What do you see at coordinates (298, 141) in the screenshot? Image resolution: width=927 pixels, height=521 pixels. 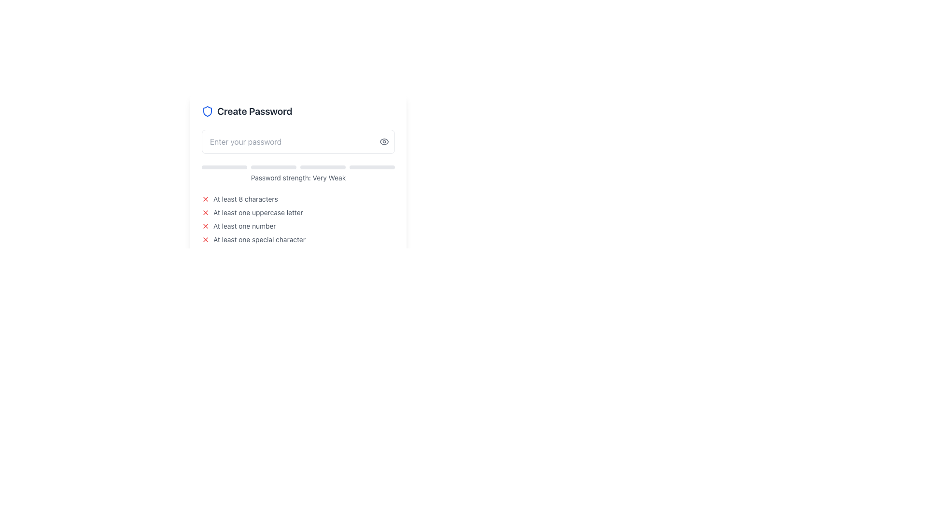 I see `the Password input field with the placeholder 'Enter your password'` at bounding box center [298, 141].